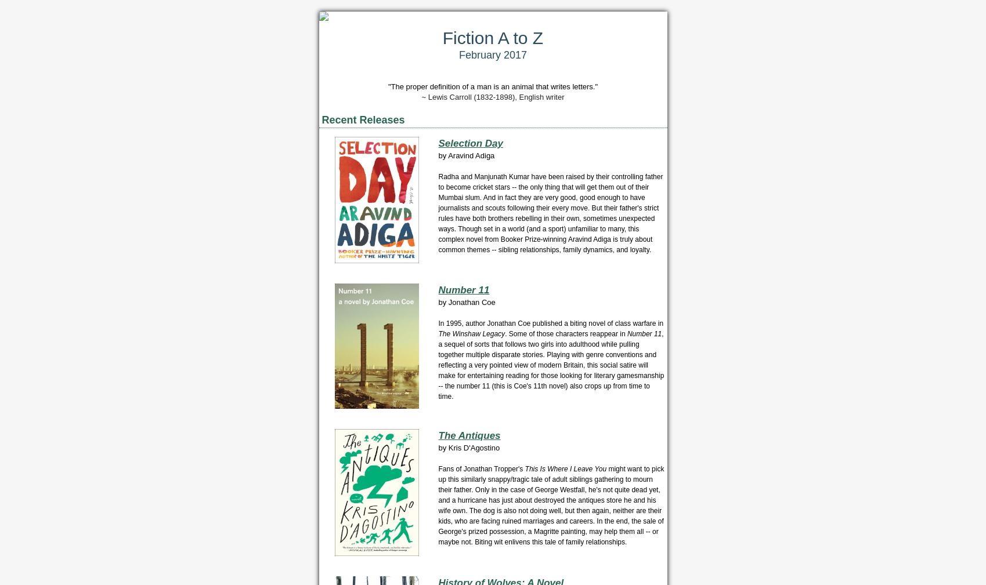  I want to click on 'The Antiques', so click(438, 435).